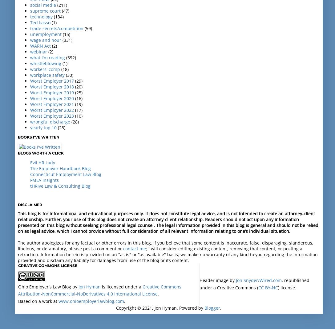 This screenshot has height=329, width=335. Describe the element at coordinates (30, 174) in the screenshot. I see `'Connecticut Employment Law Blog'` at that location.